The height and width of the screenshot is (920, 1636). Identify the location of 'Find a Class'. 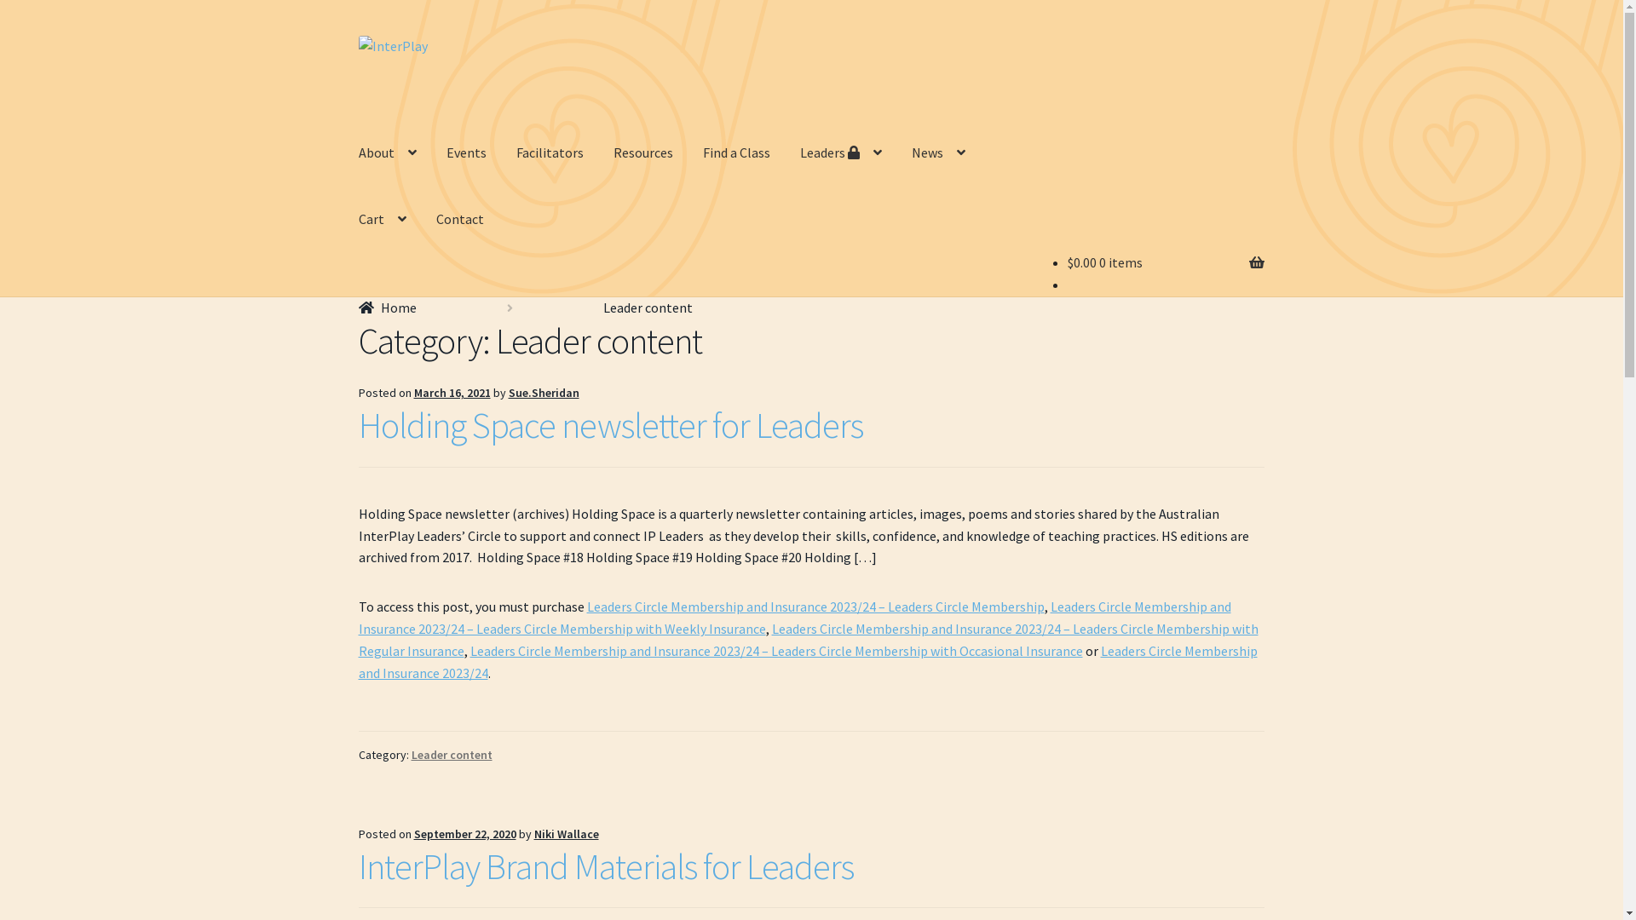
(736, 153).